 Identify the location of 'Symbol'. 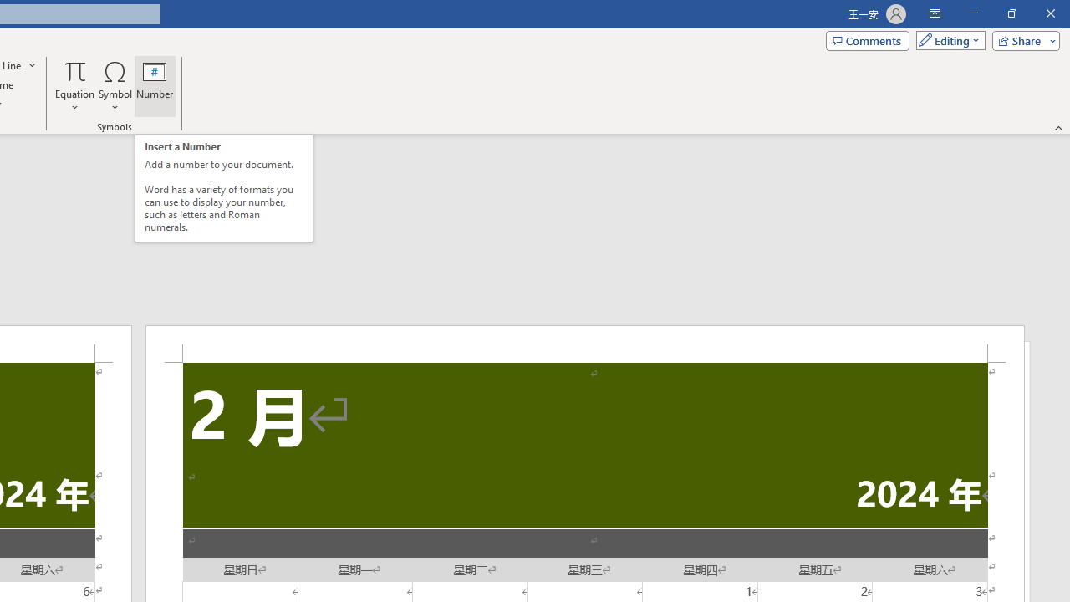
(115, 86).